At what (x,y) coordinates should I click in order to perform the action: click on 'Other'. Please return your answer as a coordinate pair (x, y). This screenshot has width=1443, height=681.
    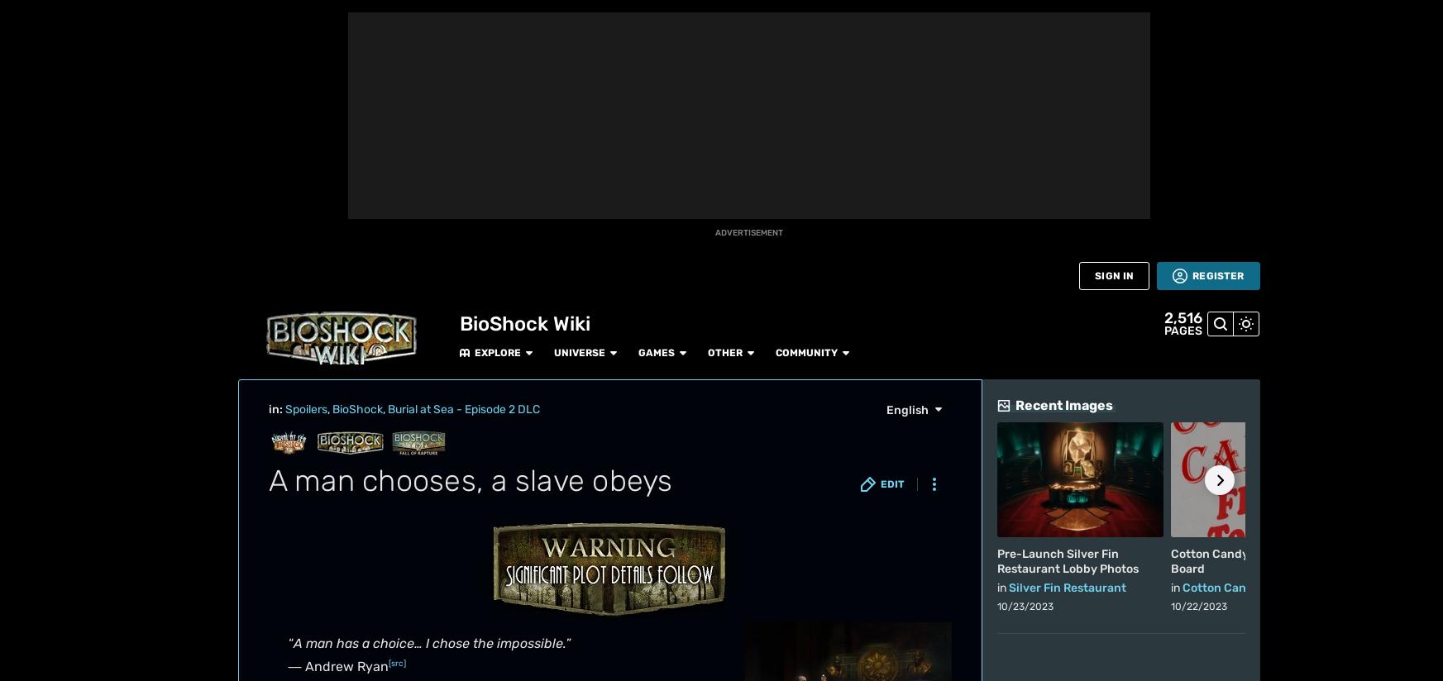
    Looking at the image, I should click on (511, 17).